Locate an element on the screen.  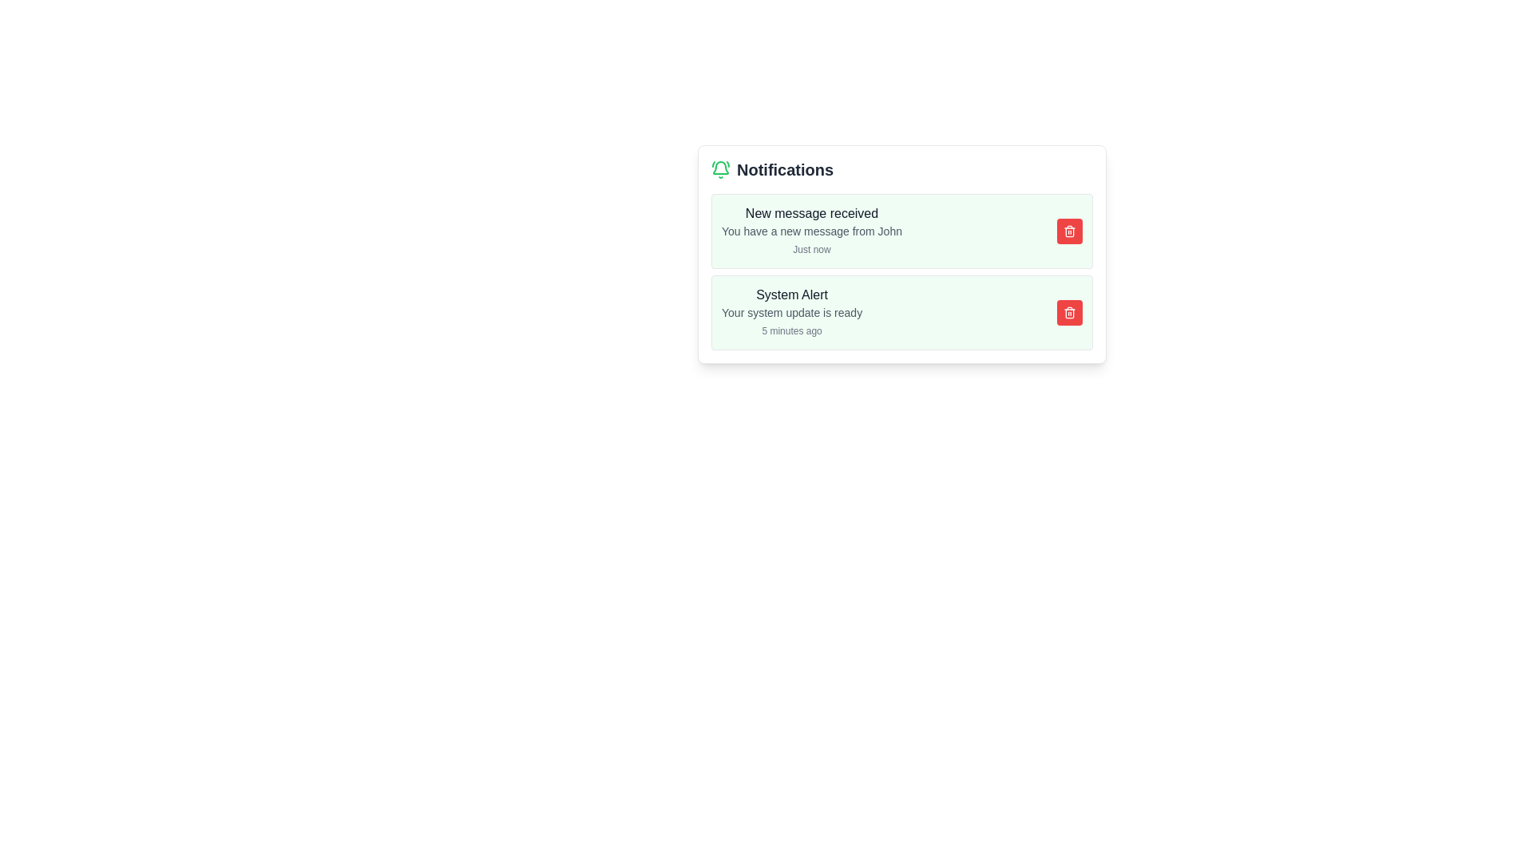
the informational Text label indicating a system update ready, located within the notification card below 'System Alert' and above '5 minutes ago' is located at coordinates (792, 313).